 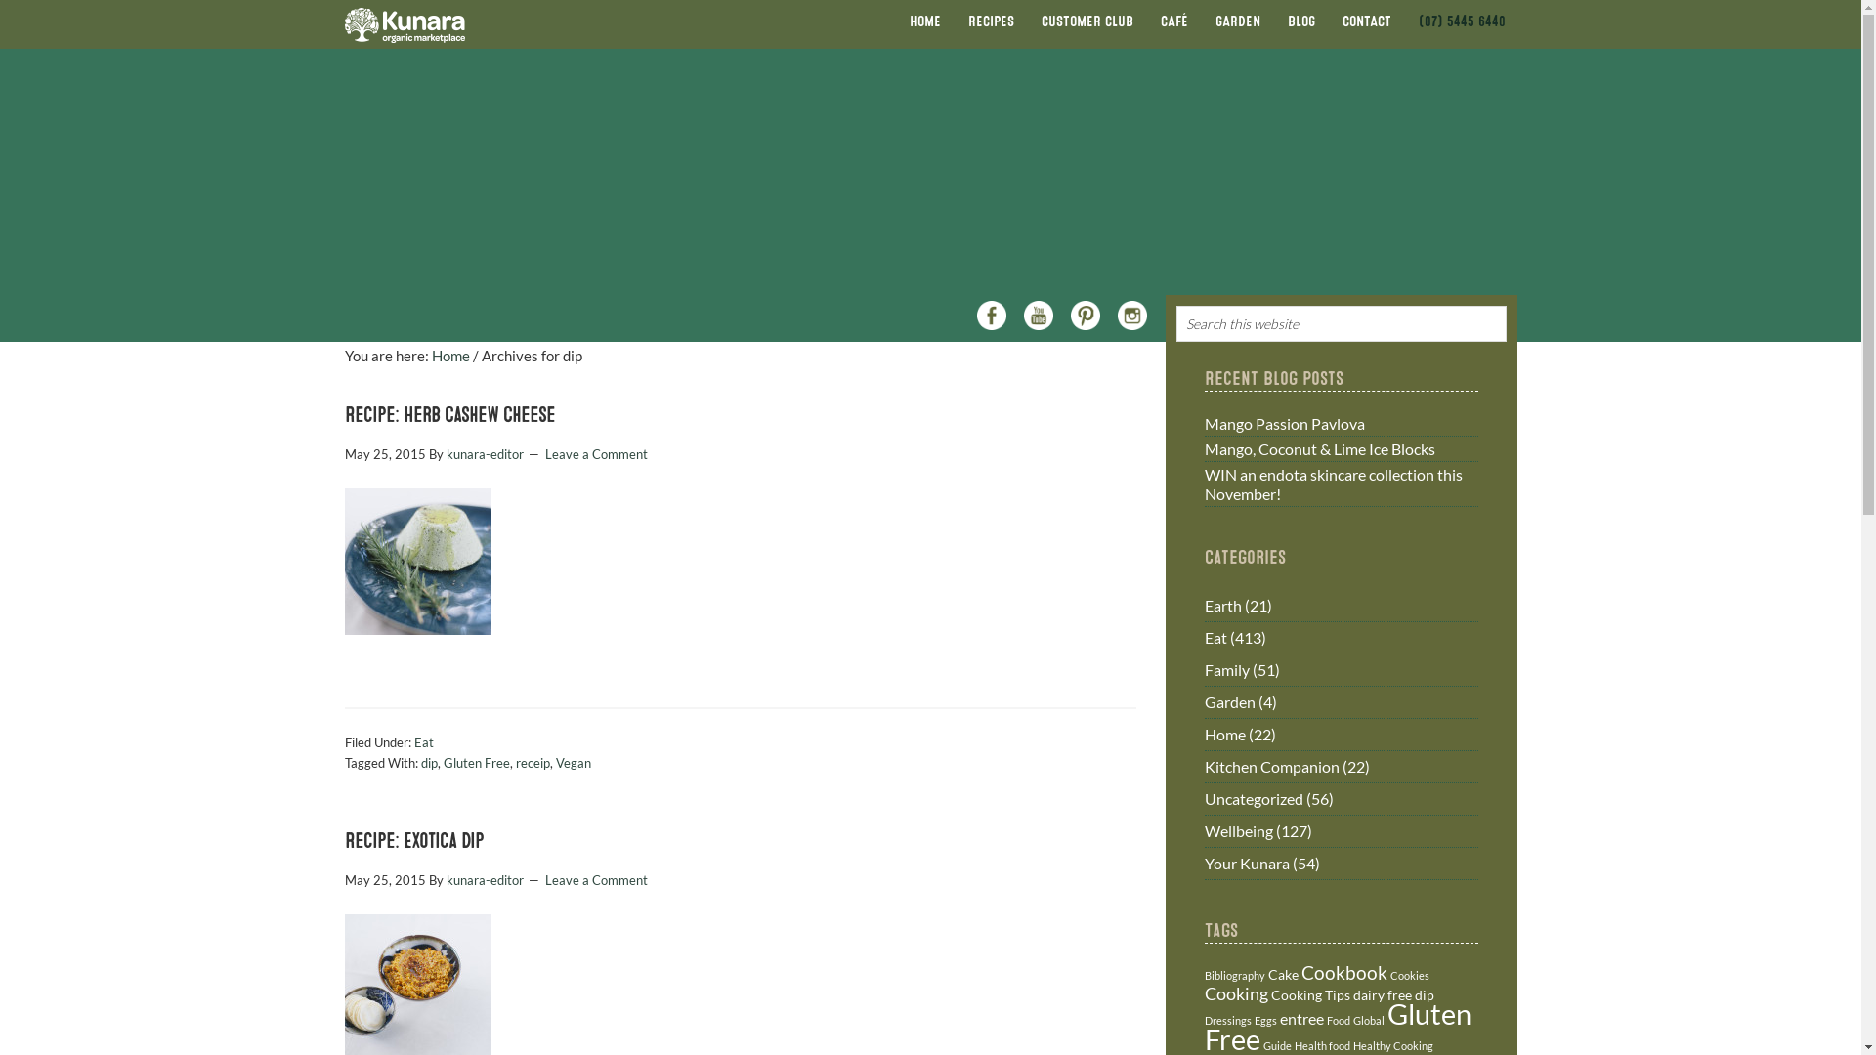 I want to click on 'Eggs', so click(x=1254, y=1019).